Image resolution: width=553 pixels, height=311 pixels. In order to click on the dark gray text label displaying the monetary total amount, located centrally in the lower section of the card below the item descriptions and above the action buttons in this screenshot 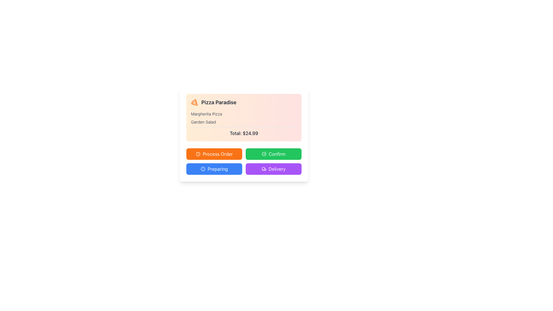, I will do `click(244, 133)`.